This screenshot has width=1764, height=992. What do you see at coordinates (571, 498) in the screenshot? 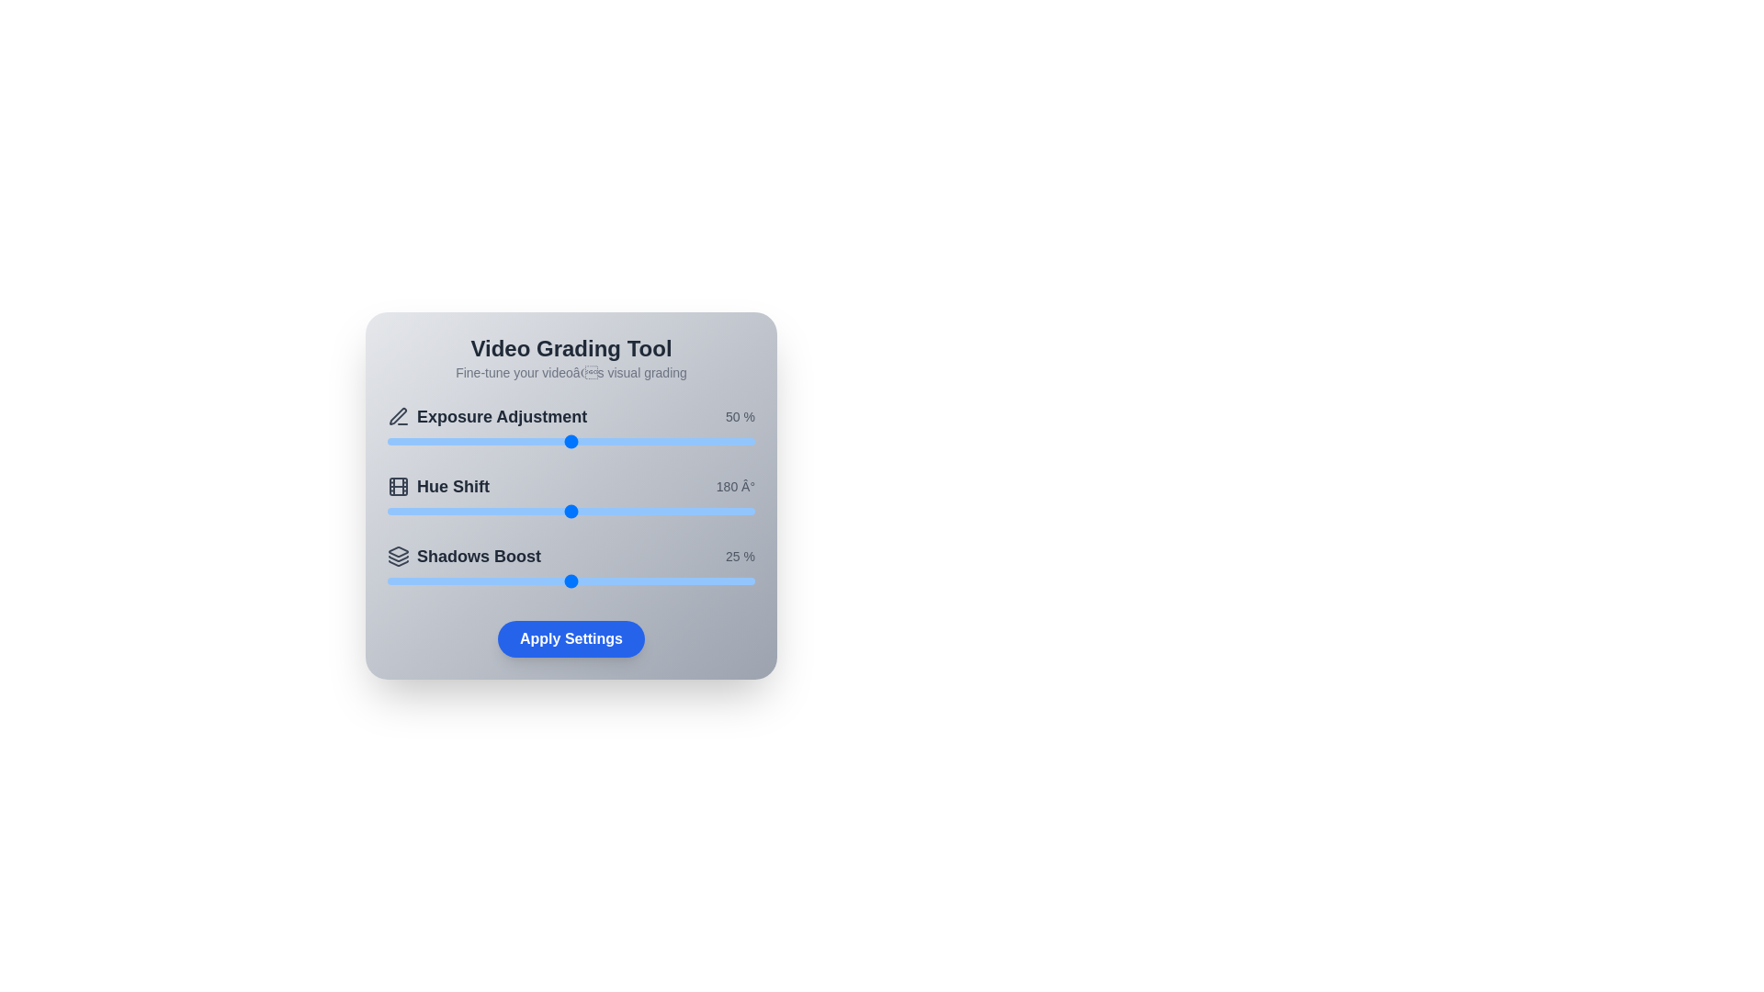
I see `middle label and value of the grouped interactive sliders for 'Exposure Adjustment', 'Hue Shift', and 'Shadows Boost' located in the 'Video Grading Tool' section` at bounding box center [571, 498].